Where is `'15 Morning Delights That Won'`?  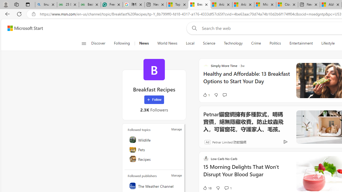
'15 Morning Delights That Won' is located at coordinates (246, 173).